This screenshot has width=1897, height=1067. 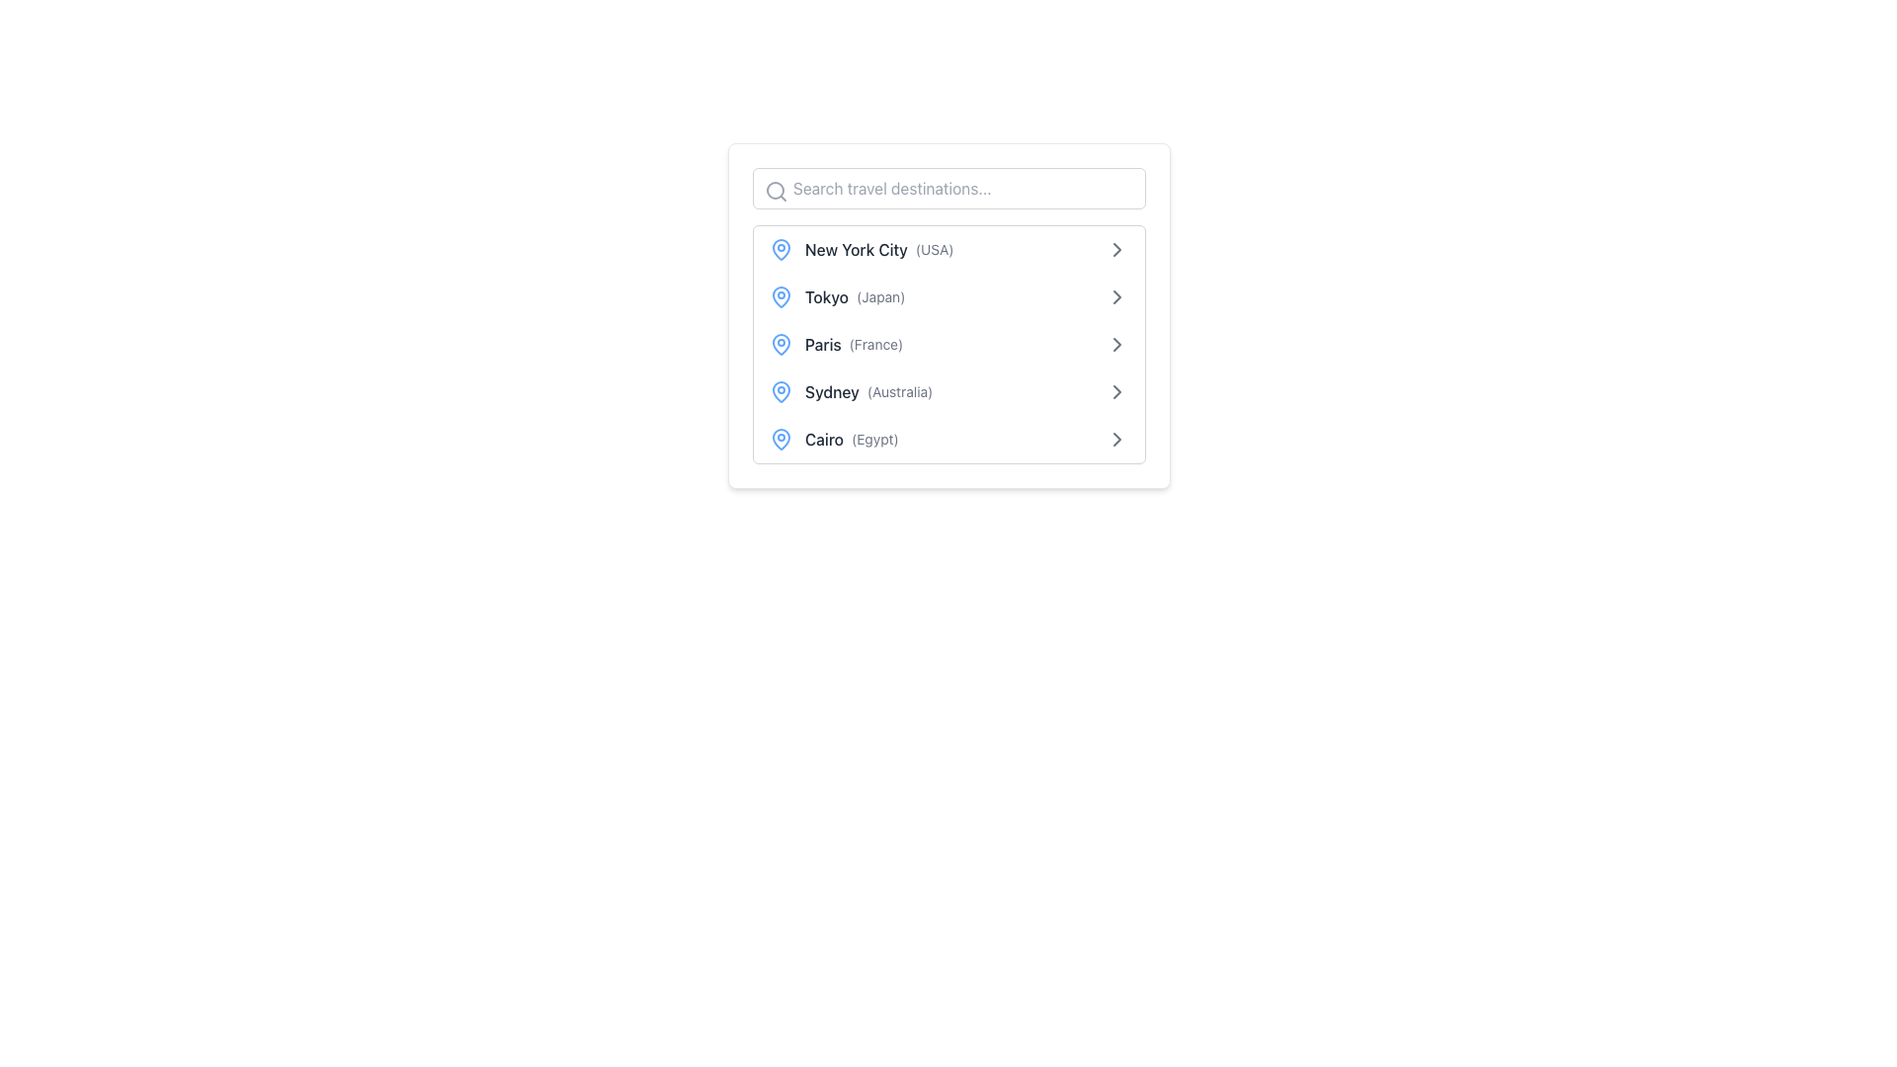 What do you see at coordinates (824, 438) in the screenshot?
I see `the text label indicating the destination name 'Cairo' in the list of travel destinations` at bounding box center [824, 438].